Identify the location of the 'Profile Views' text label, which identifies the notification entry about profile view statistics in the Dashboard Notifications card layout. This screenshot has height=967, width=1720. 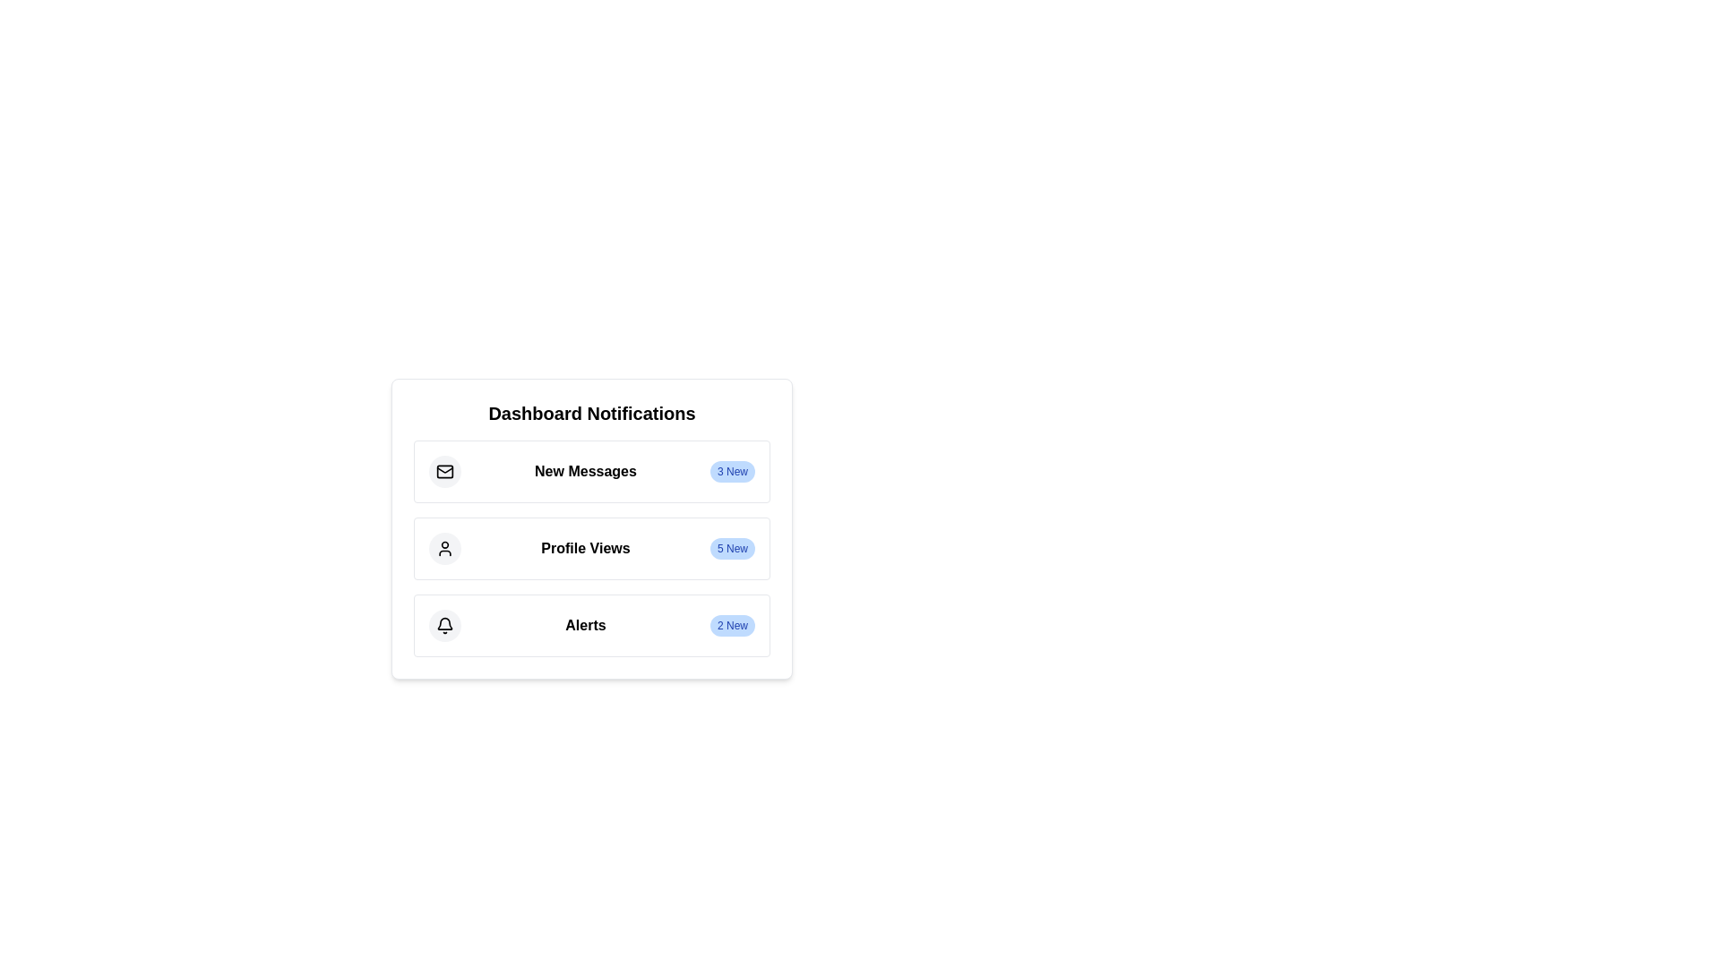
(585, 548).